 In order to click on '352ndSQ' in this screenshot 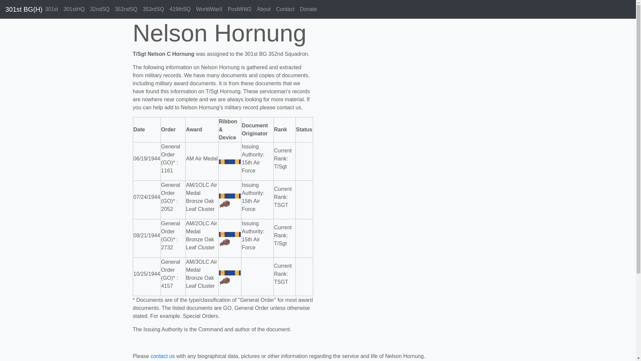, I will do `click(126, 9)`.